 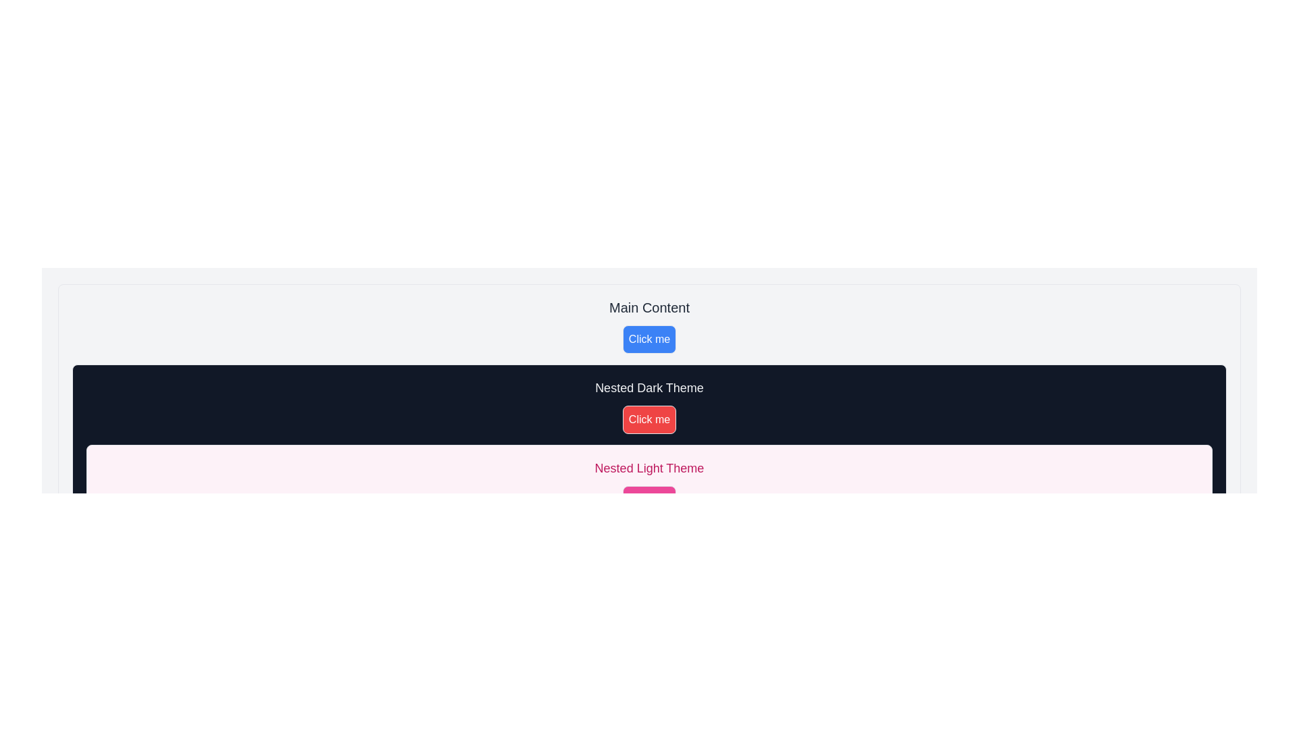 What do you see at coordinates (649, 338) in the screenshot?
I see `the button labeled 'Click me' with a blue background and white text` at bounding box center [649, 338].